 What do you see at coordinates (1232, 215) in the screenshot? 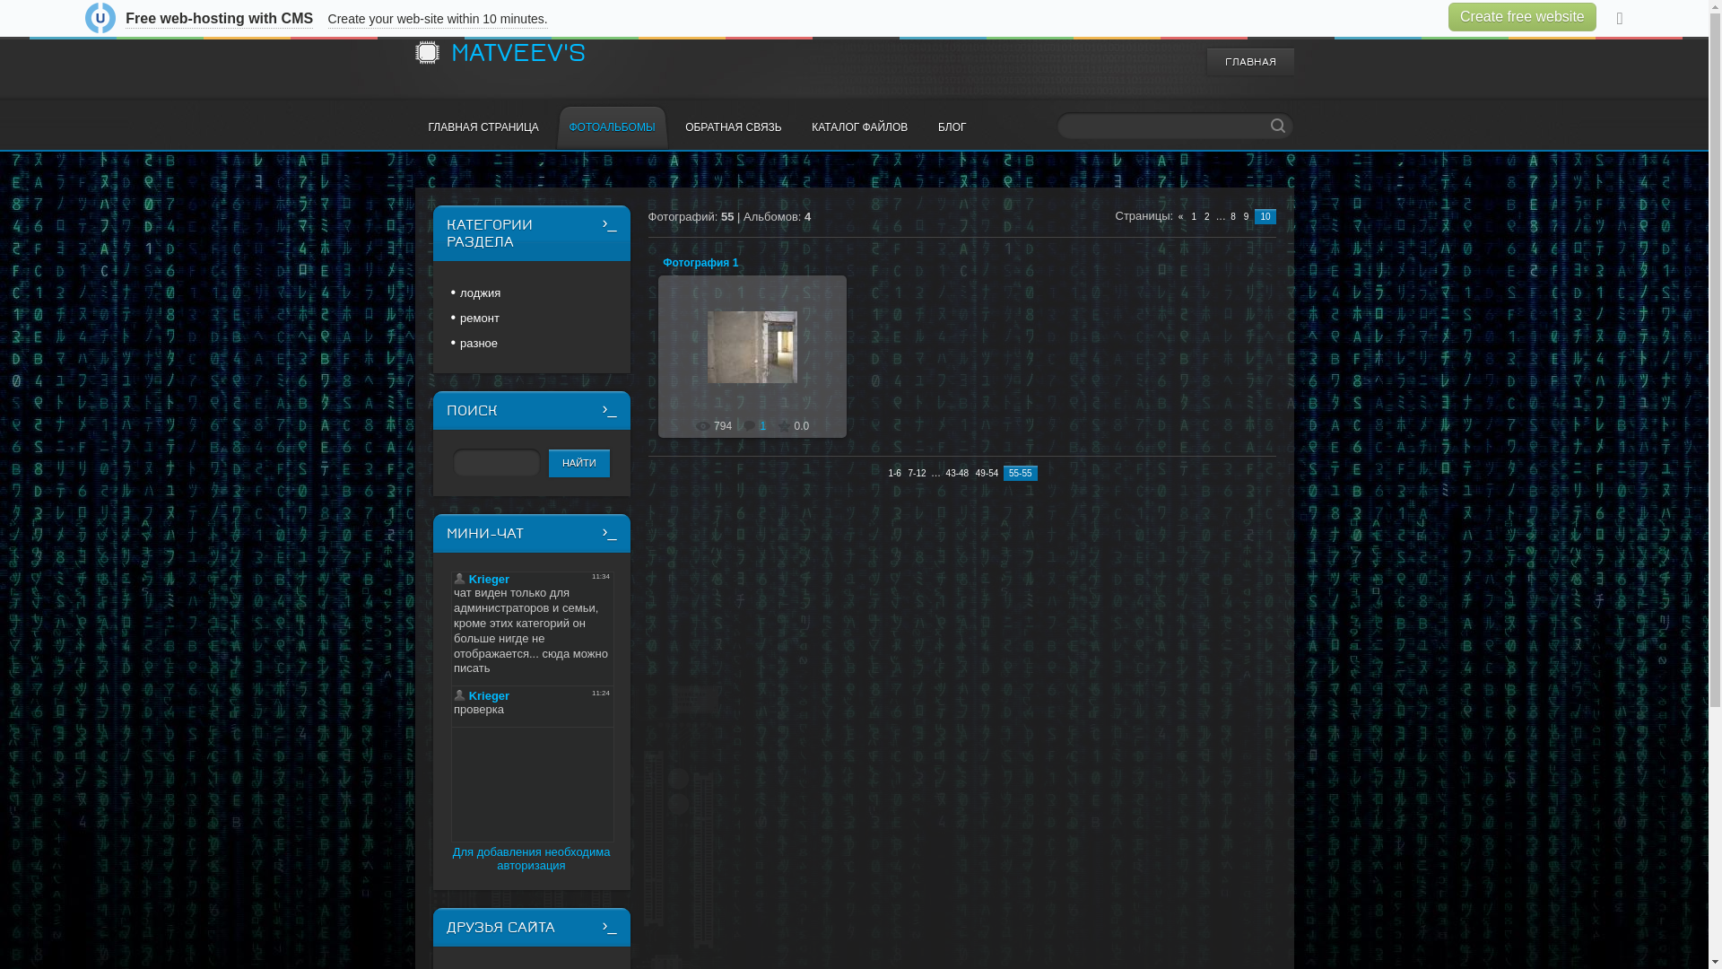
I see `'8'` at bounding box center [1232, 215].